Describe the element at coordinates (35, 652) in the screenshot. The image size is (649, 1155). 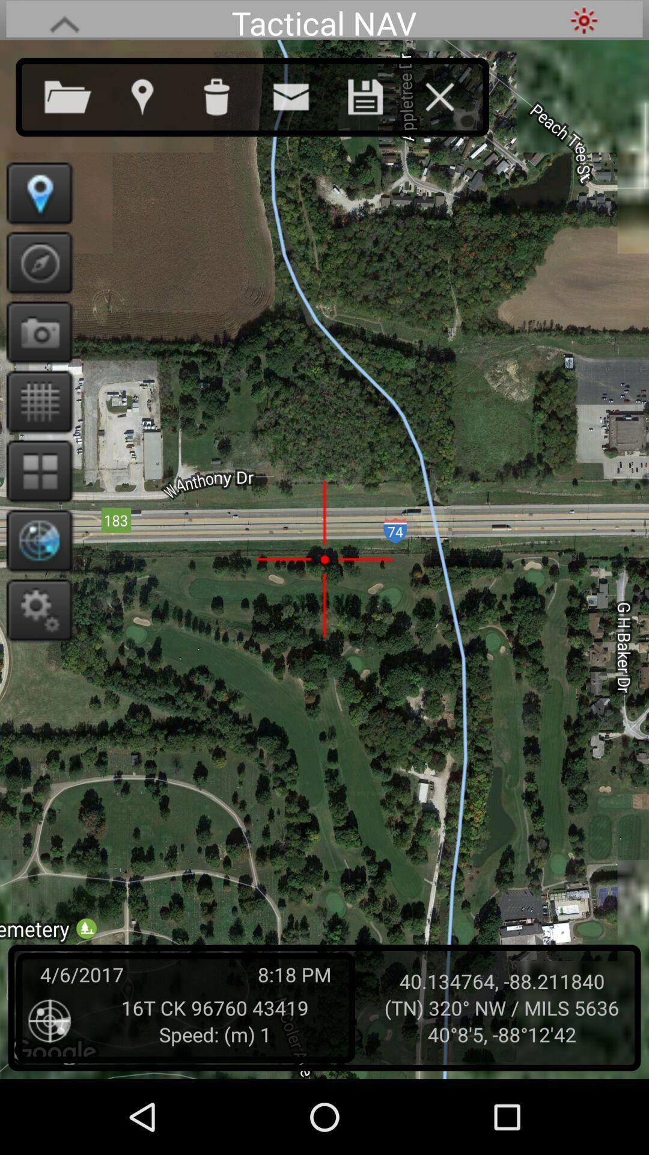
I see `the settings icon` at that location.